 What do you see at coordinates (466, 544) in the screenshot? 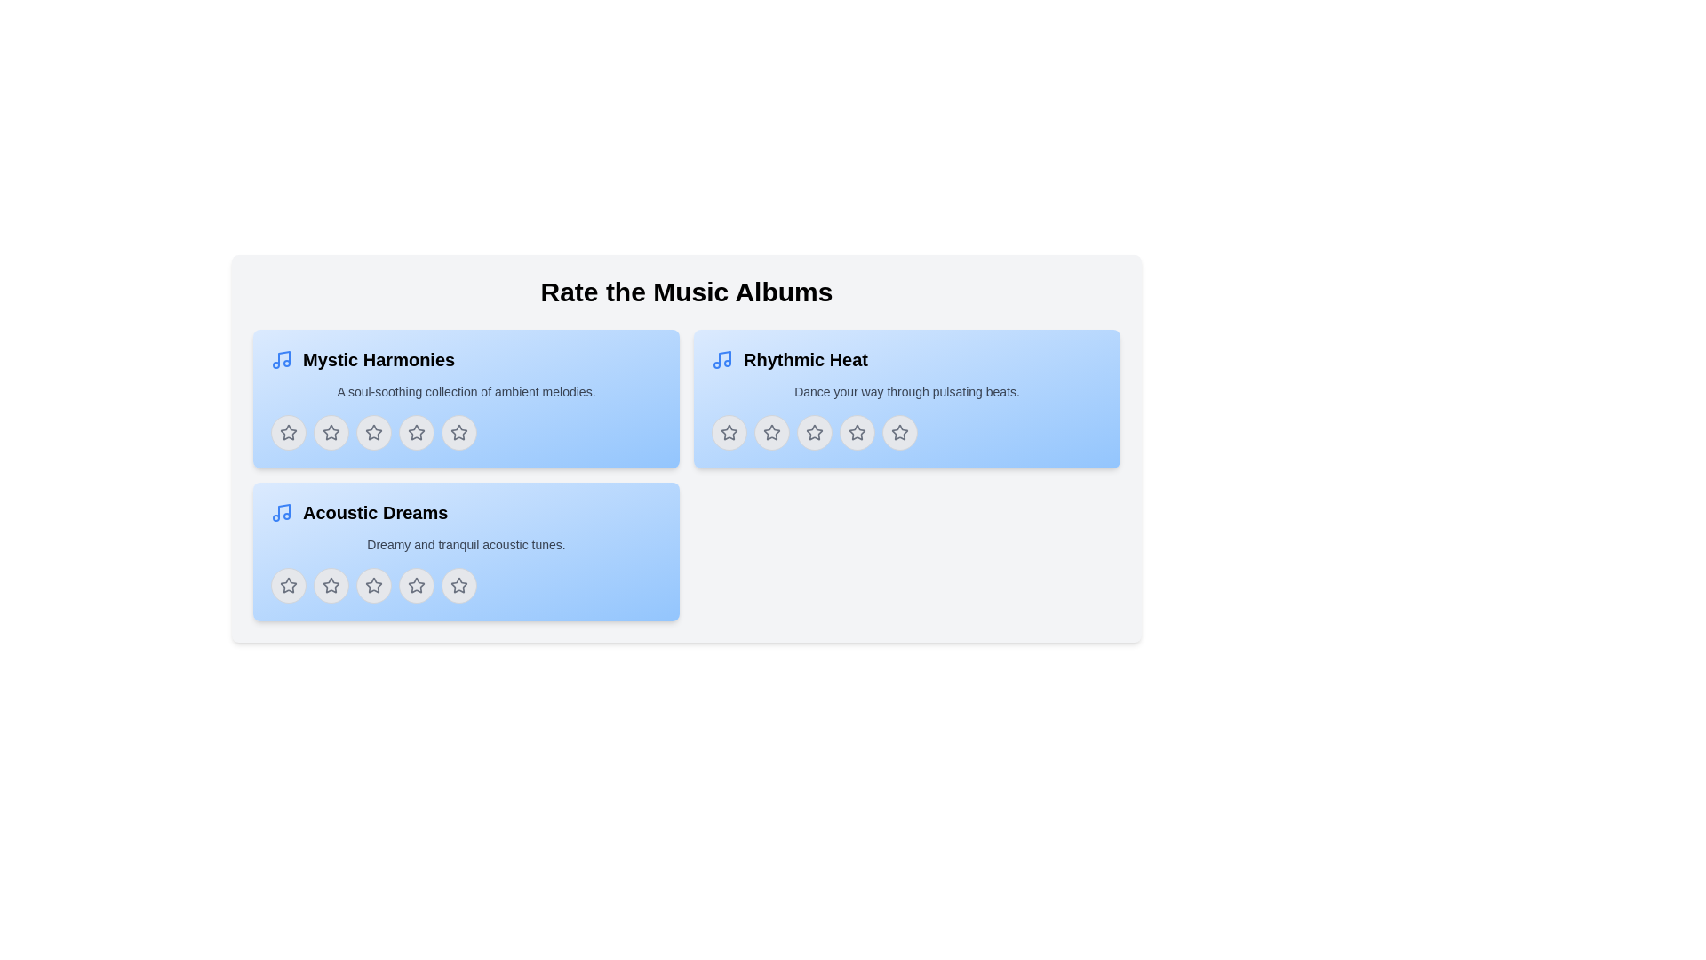
I see `the text label providing a description for the music album 'Acoustic Dreams', located in the lower section of the second card in the grid layout` at bounding box center [466, 544].